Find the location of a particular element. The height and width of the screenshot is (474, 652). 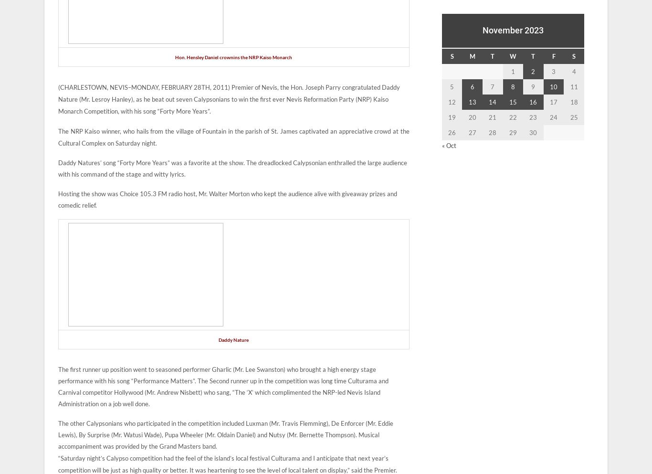

'21' is located at coordinates (492, 116).